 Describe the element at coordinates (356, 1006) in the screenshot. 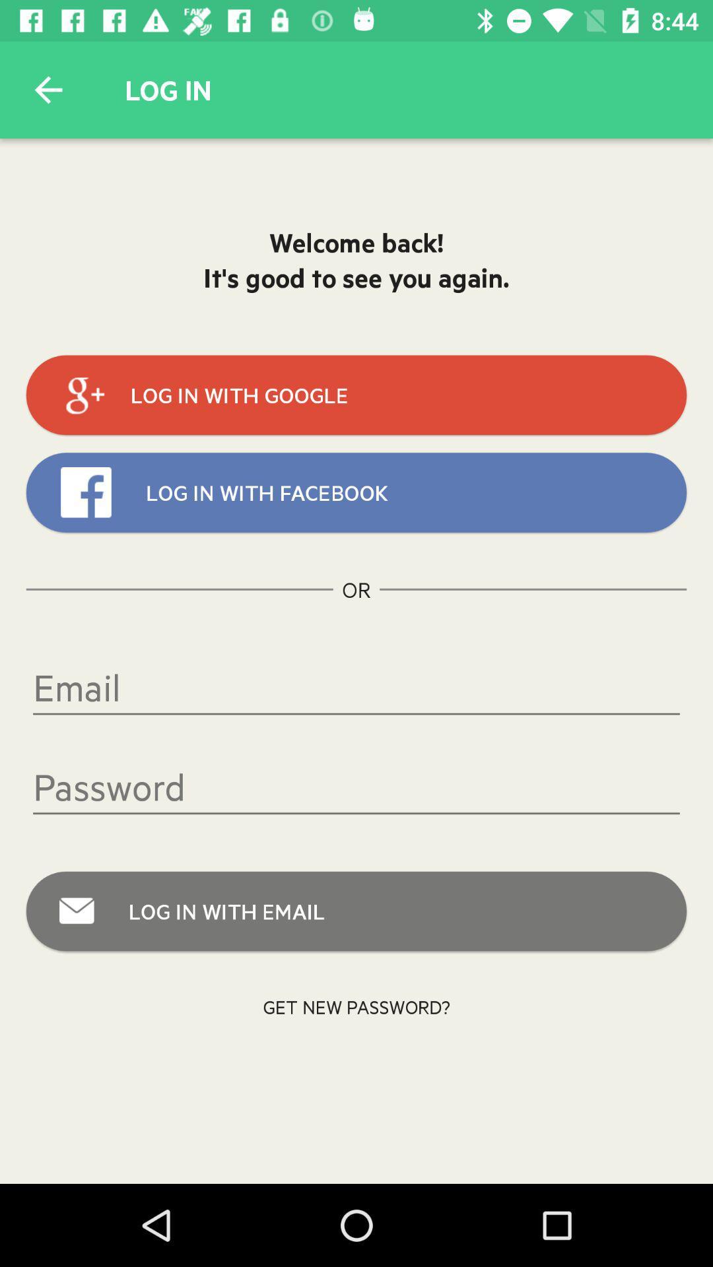

I see `the get new password? item` at that location.